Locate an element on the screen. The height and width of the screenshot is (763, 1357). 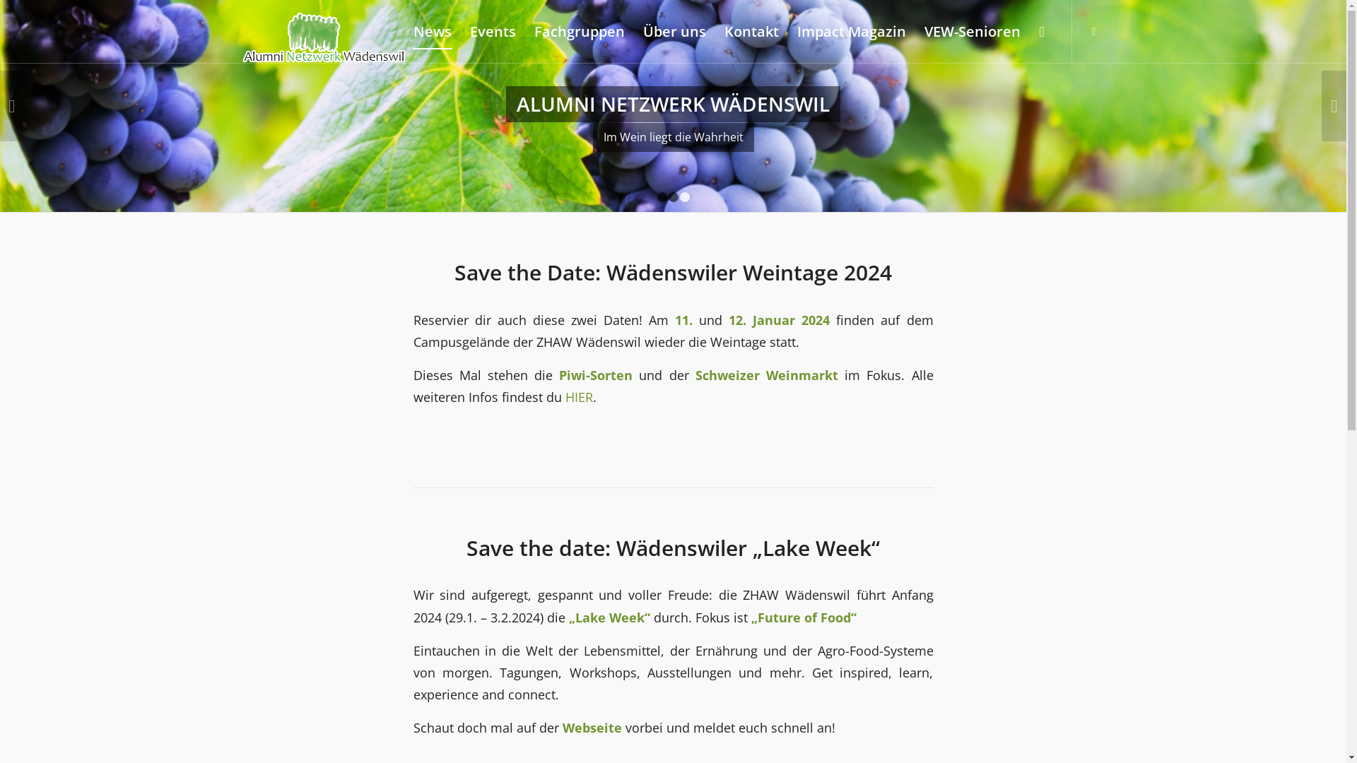
'Impact Magazin' is located at coordinates (850, 32).